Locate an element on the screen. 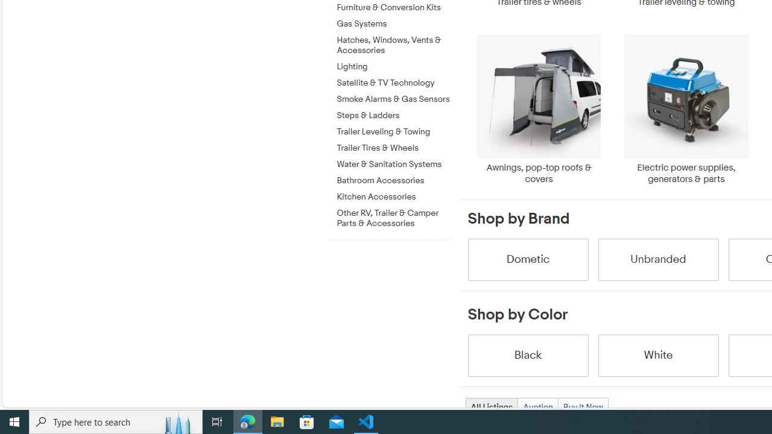 The height and width of the screenshot is (434, 772). 'Dometic' is located at coordinates (527, 259).